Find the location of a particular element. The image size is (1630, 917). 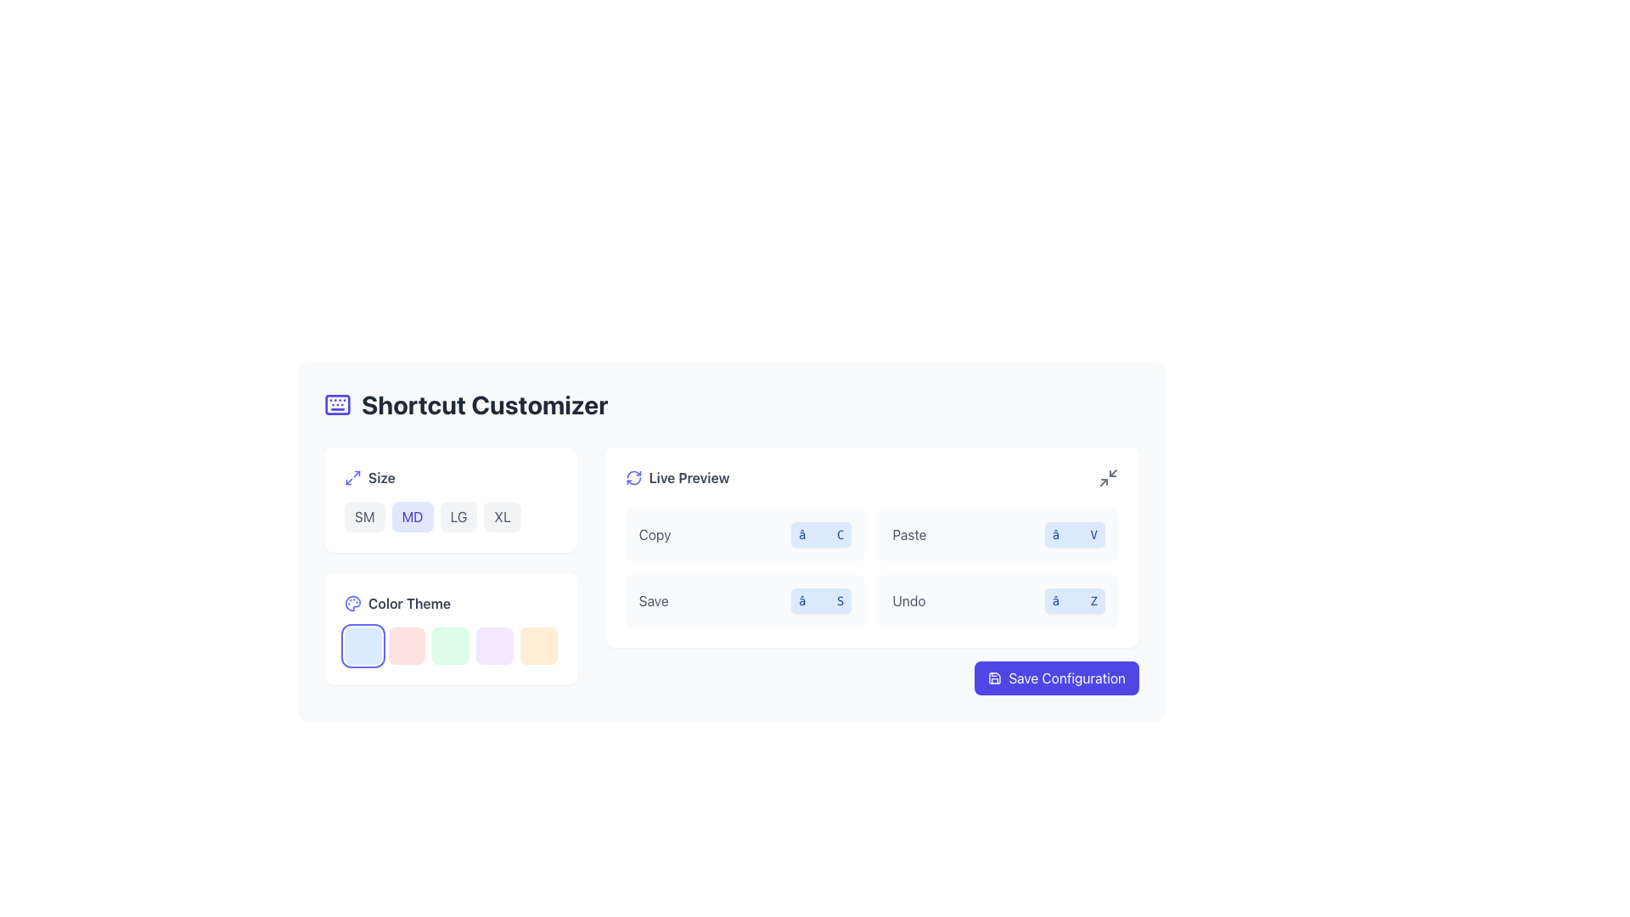

the small icon resembling a two-headed arrow located to the immediate left of the 'Size' label in the 'Shortcut Customizer' panel is located at coordinates (352, 478).